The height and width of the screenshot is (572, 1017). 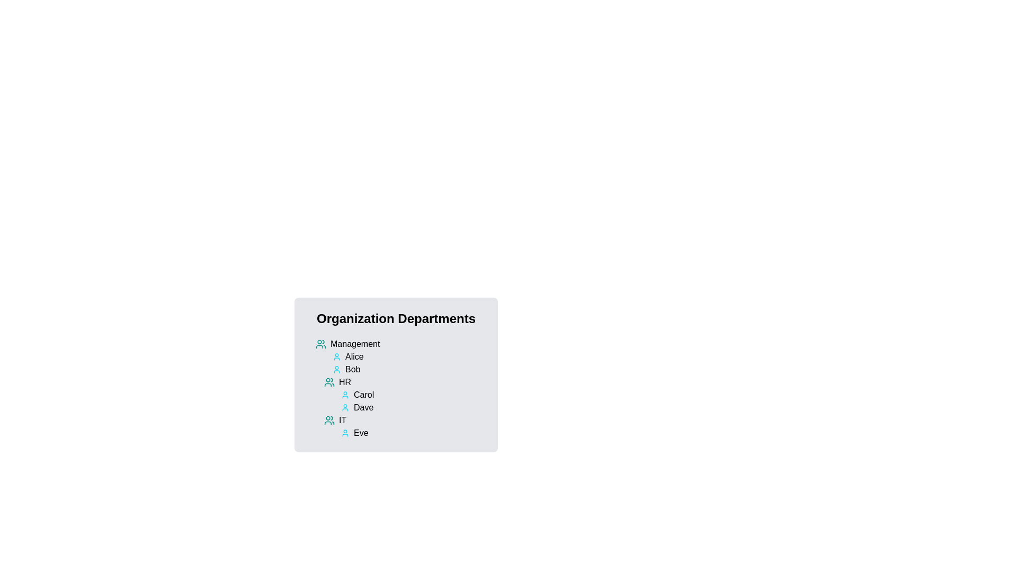 I want to click on text label displaying the name 'Eve', which is positioned below the 'IT' section in the organizational structure list, so click(x=361, y=433).